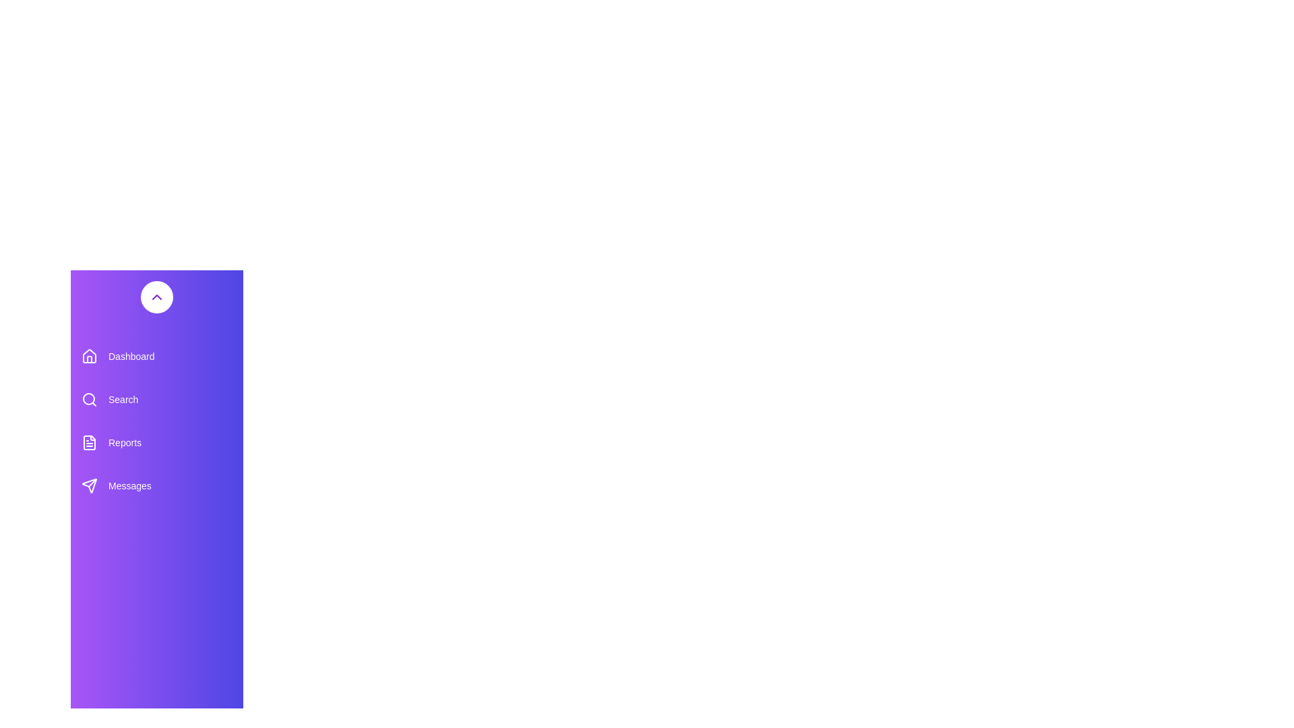 The image size is (1294, 728). What do you see at coordinates (123, 399) in the screenshot?
I see `the 'Search' label in the left-side navigation menu` at bounding box center [123, 399].